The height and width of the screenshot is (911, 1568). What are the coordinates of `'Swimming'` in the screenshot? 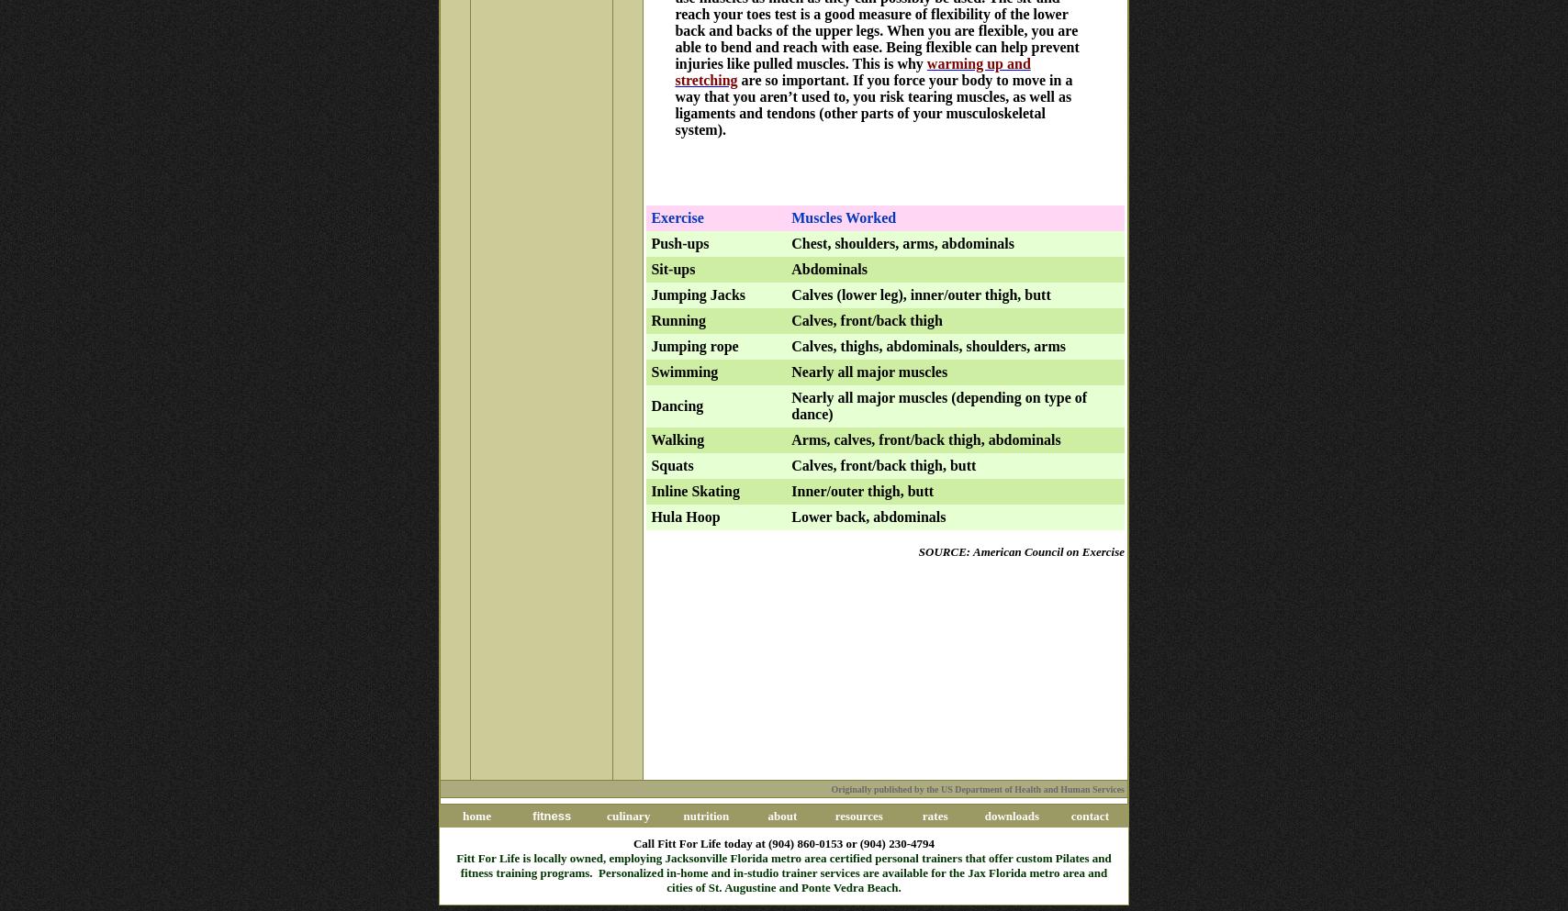 It's located at (684, 370).